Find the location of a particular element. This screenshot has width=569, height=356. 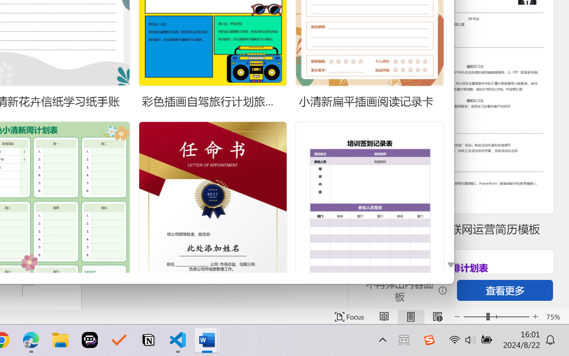

'Notion' is located at coordinates (148, 340).